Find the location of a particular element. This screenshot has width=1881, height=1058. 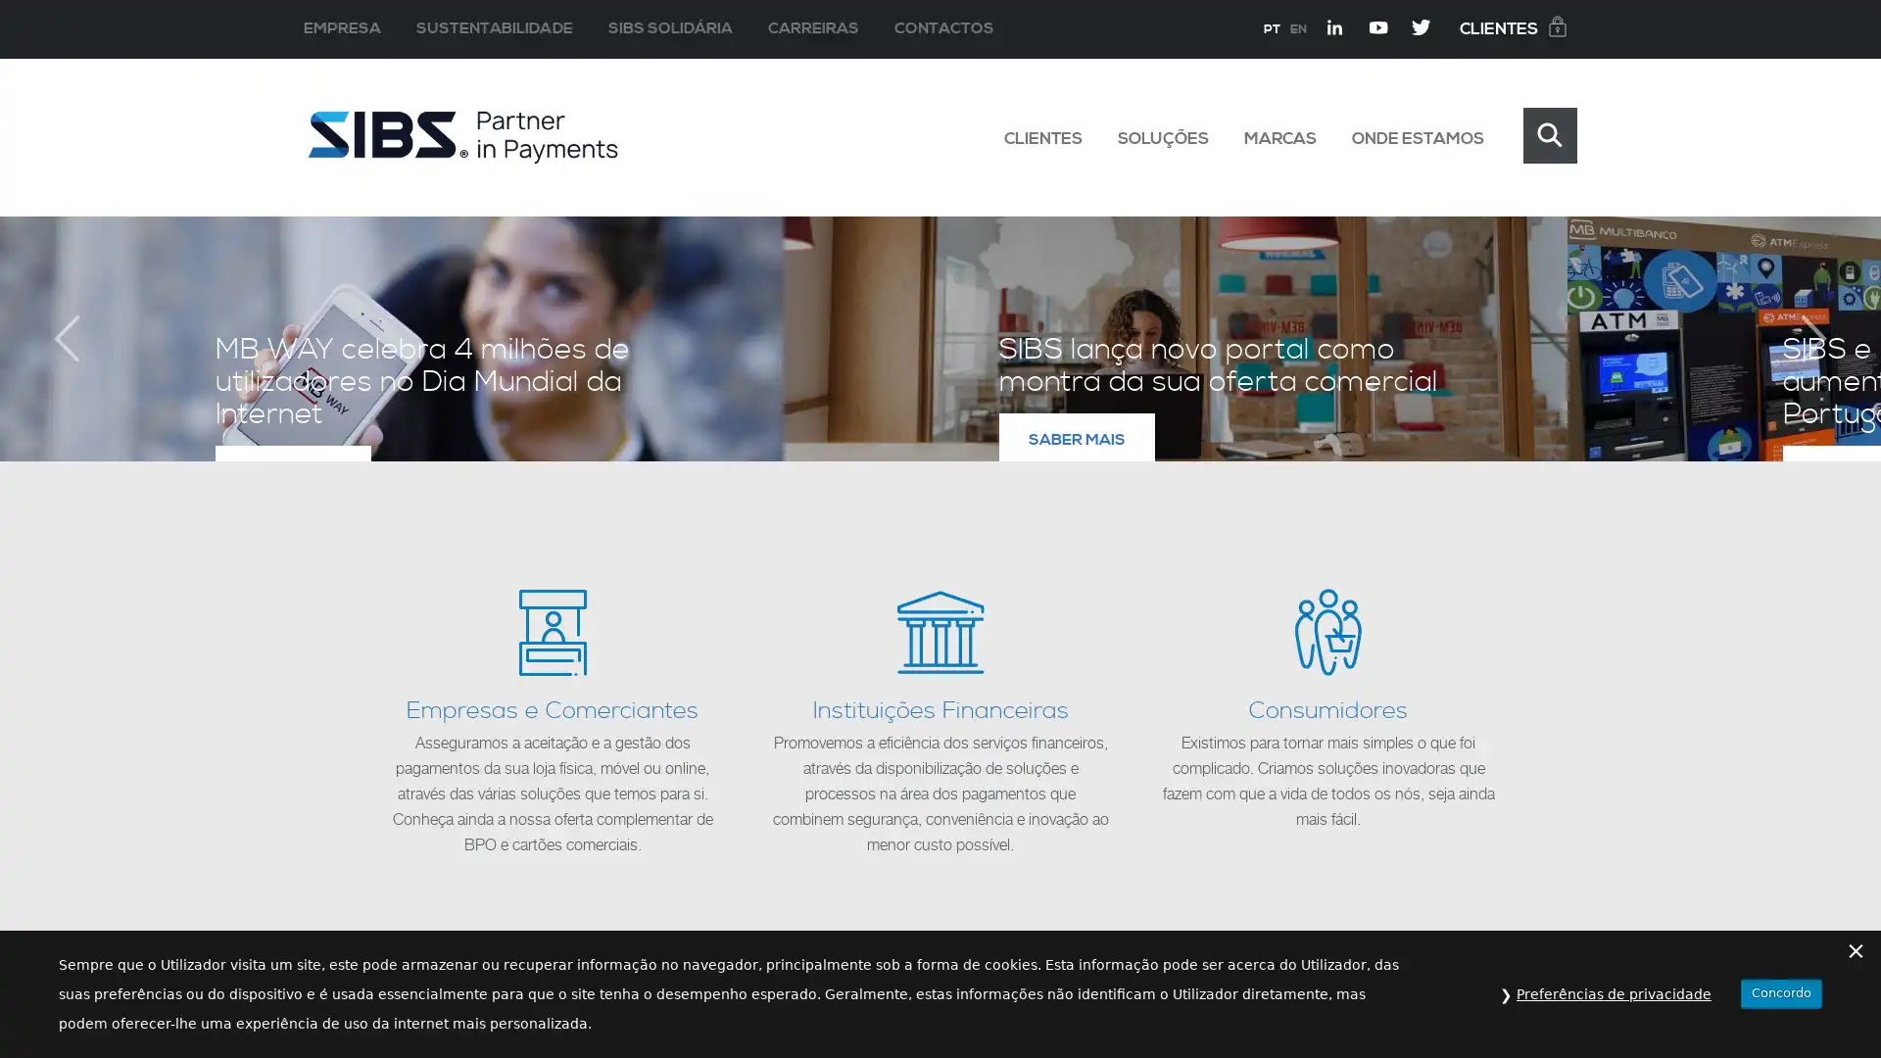

Preferencias de privacidade is located at coordinates (1614, 993).